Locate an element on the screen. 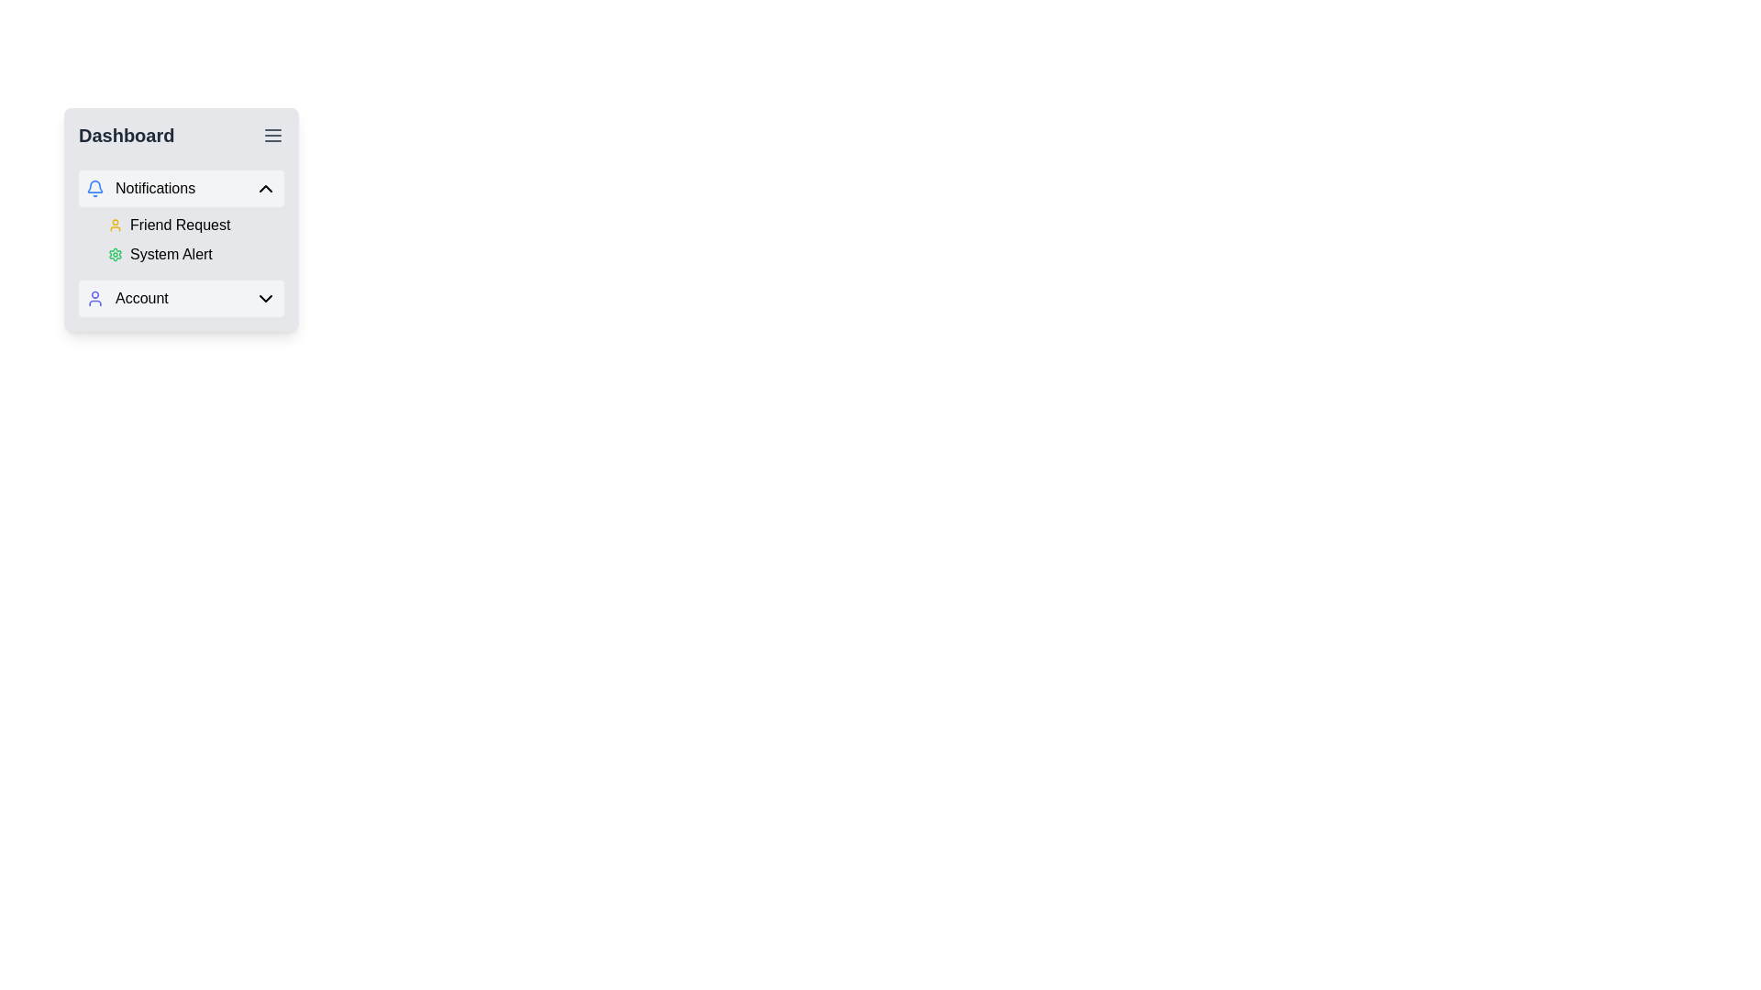 The height and width of the screenshot is (990, 1761). the small downward-pointing chevron icon located in the bottom-right corner of the 'Account' entry in the navigation panel is located at coordinates (264, 298).